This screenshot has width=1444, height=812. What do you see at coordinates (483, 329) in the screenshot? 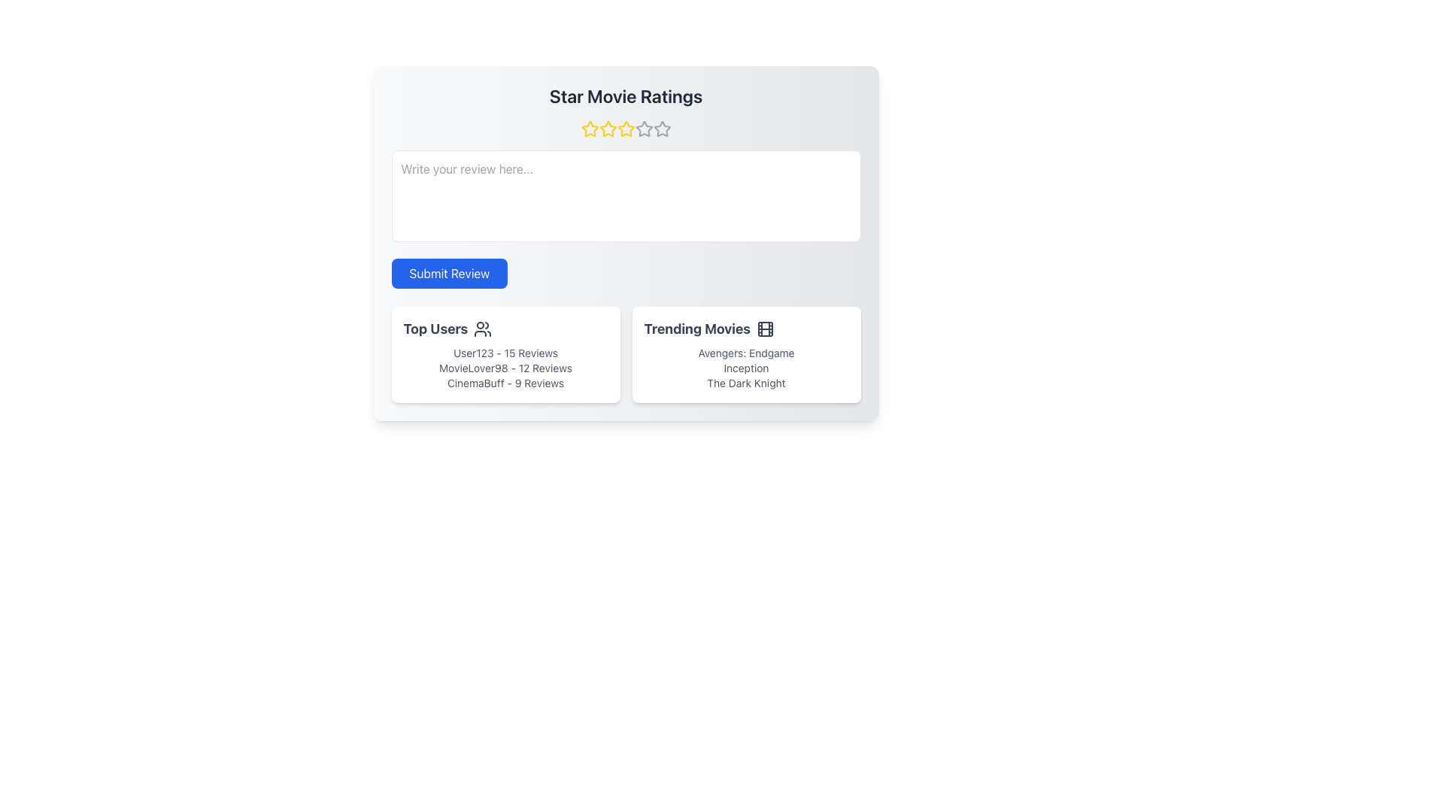
I see `the Decorative icon representing three human figures, which is positioned to the right of the 'Top Users' text` at bounding box center [483, 329].